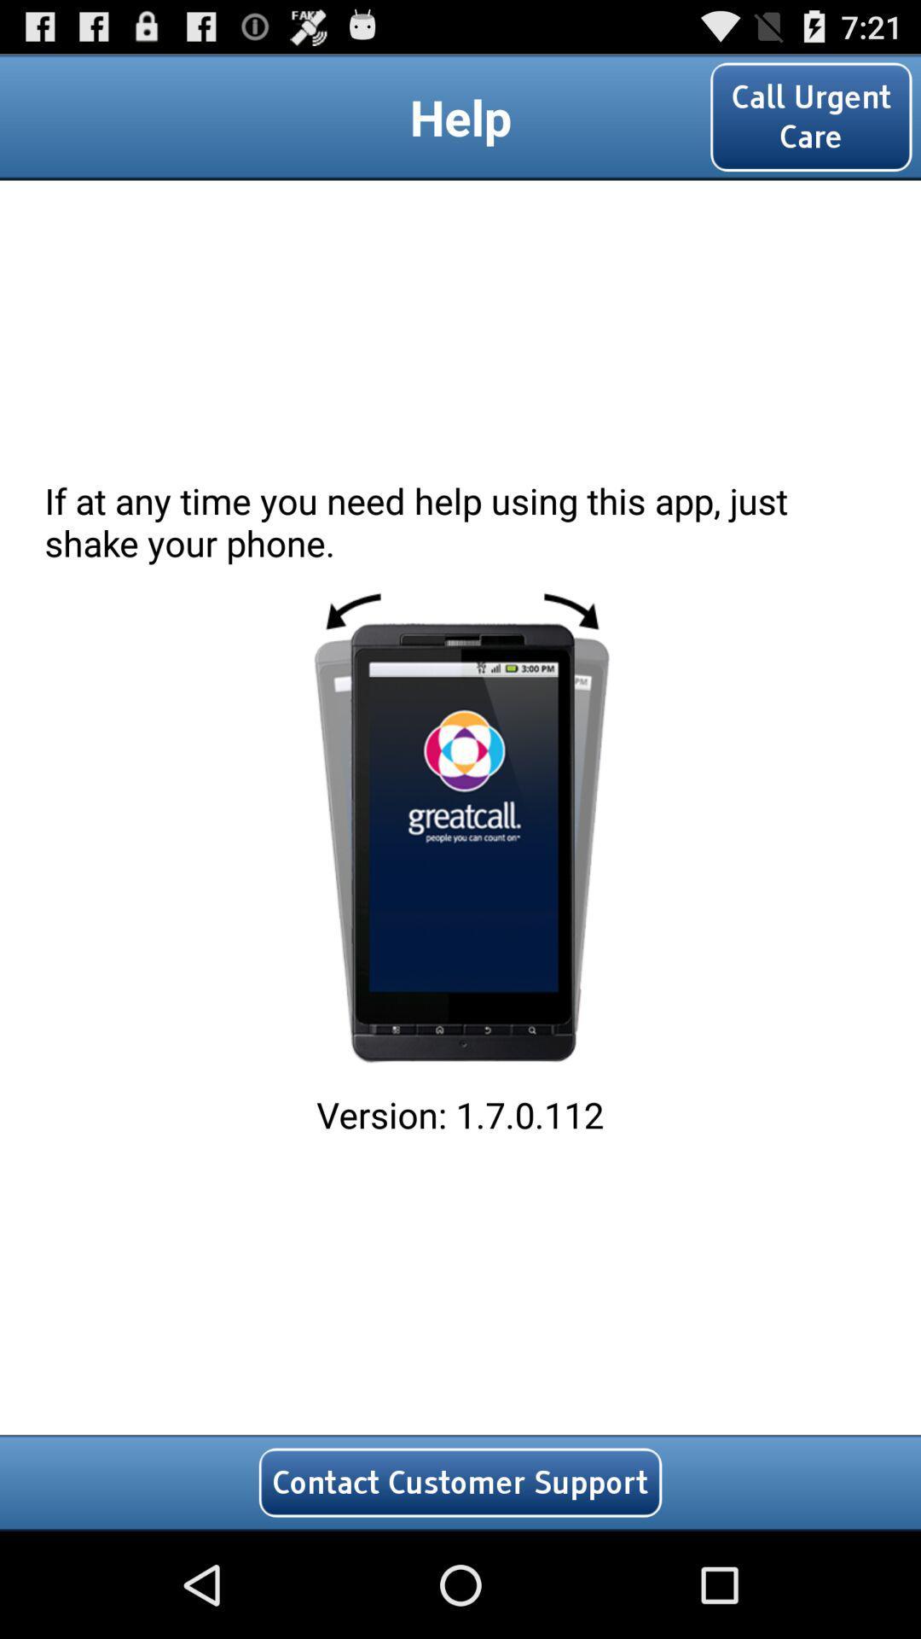  Describe the element at coordinates (810, 116) in the screenshot. I see `call urgent care icon` at that location.